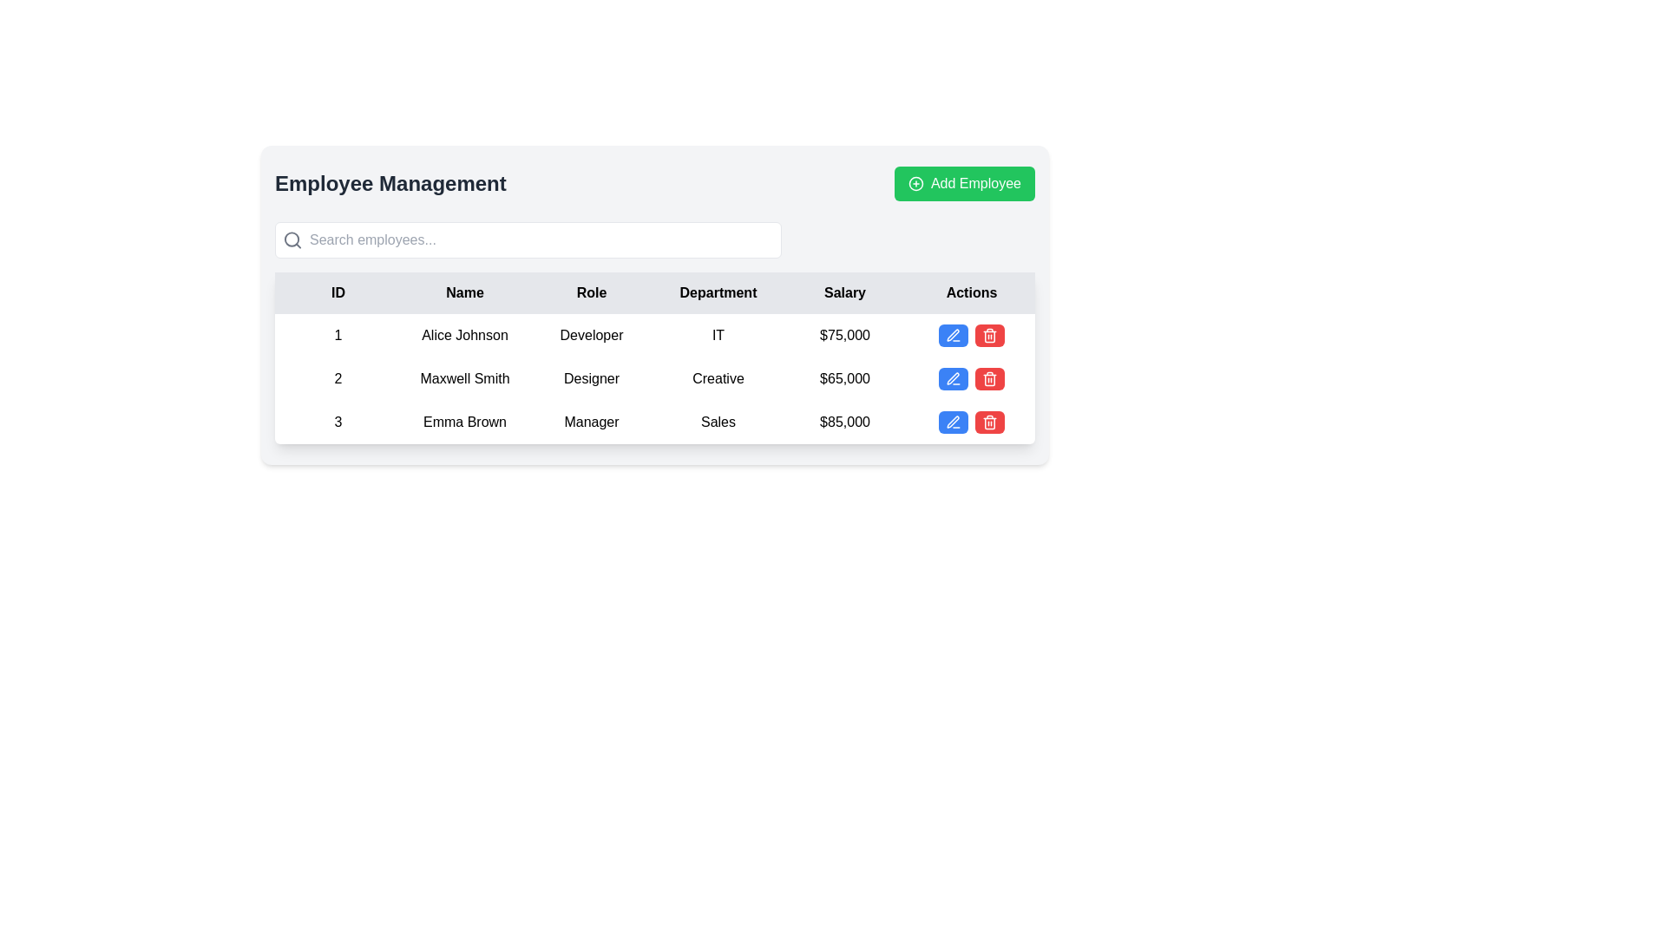 The image size is (1666, 937). Describe the element at coordinates (915, 184) in the screenshot. I see `the circular icon with a plus sign inside, located within the 'Add Employee' button at the top right corner of the main interface` at that location.